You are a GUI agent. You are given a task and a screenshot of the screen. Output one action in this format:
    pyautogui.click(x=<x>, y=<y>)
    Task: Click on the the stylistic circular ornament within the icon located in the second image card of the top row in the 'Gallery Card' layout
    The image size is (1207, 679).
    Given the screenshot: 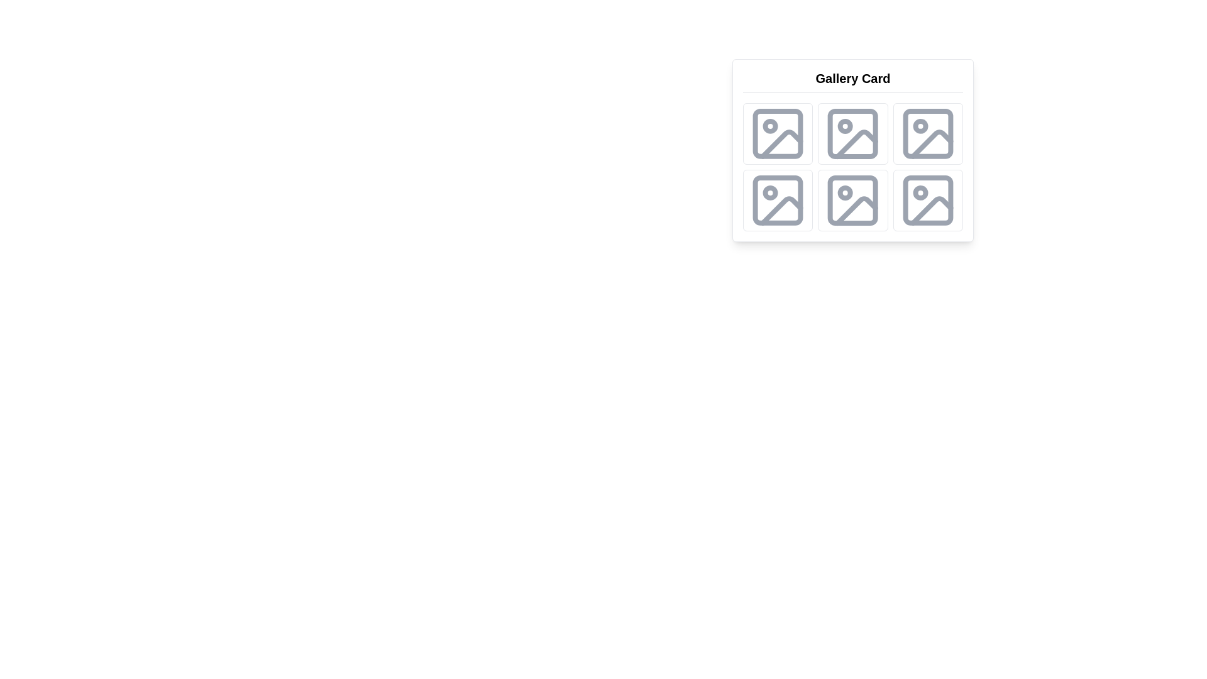 What is the action you would take?
    pyautogui.click(x=845, y=126)
    